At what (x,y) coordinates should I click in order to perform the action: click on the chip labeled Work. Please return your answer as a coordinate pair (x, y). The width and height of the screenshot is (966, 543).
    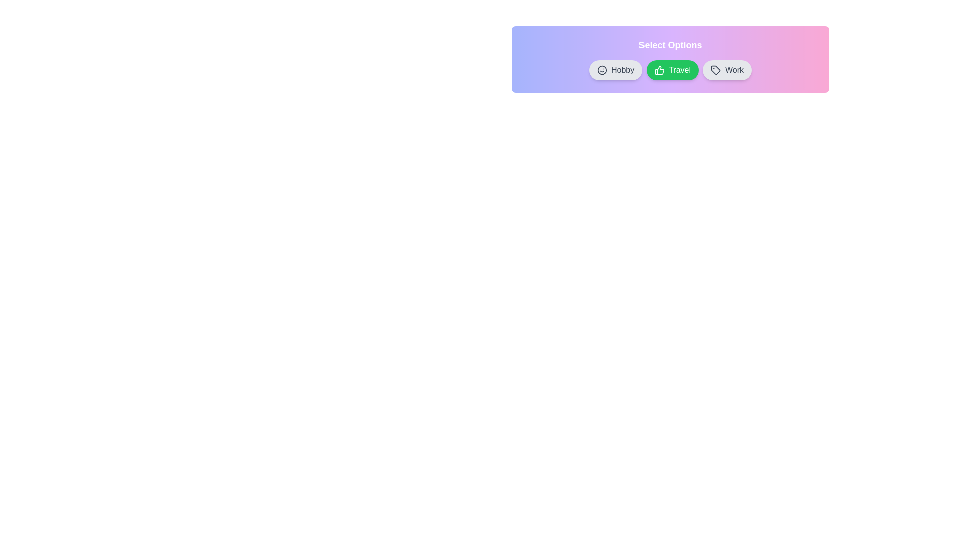
    Looking at the image, I should click on (727, 69).